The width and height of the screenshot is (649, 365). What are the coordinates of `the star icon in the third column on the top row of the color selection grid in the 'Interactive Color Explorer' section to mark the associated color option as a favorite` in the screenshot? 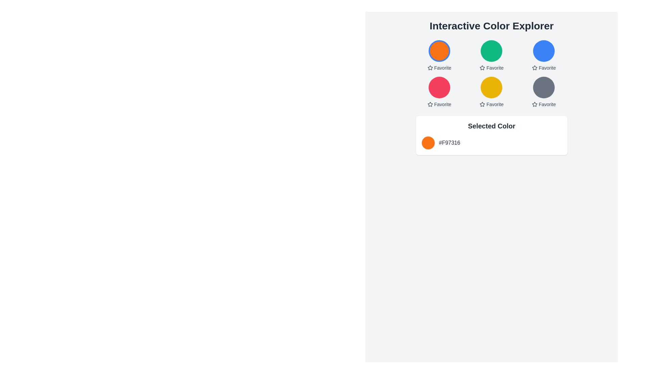 It's located at (534, 68).